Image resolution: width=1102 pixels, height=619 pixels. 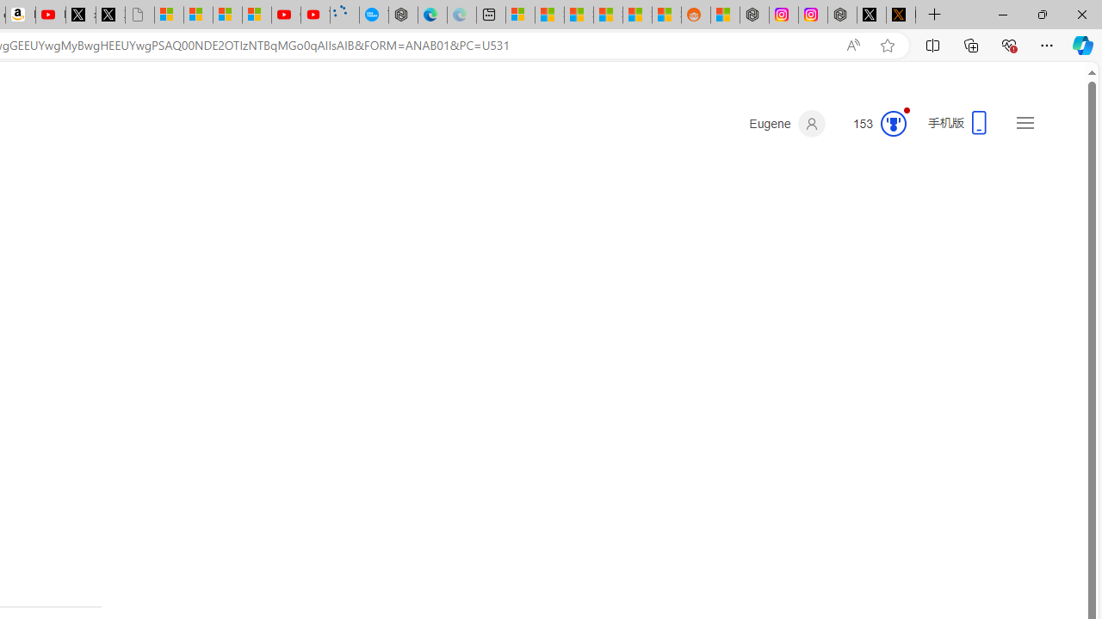 What do you see at coordinates (888, 45) in the screenshot?
I see `'Add this page to favorites (Ctrl+D)'` at bounding box center [888, 45].